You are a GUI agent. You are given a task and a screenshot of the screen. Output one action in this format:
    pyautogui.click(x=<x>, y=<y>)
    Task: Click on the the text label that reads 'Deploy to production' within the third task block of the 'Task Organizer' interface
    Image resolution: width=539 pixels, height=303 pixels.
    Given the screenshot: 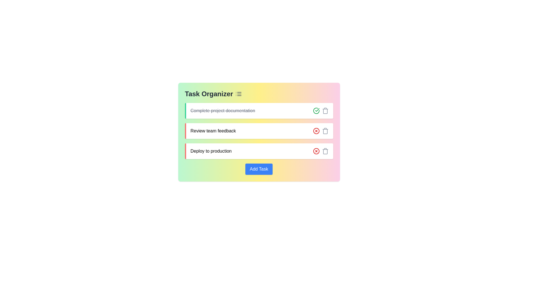 What is the action you would take?
    pyautogui.click(x=211, y=151)
    